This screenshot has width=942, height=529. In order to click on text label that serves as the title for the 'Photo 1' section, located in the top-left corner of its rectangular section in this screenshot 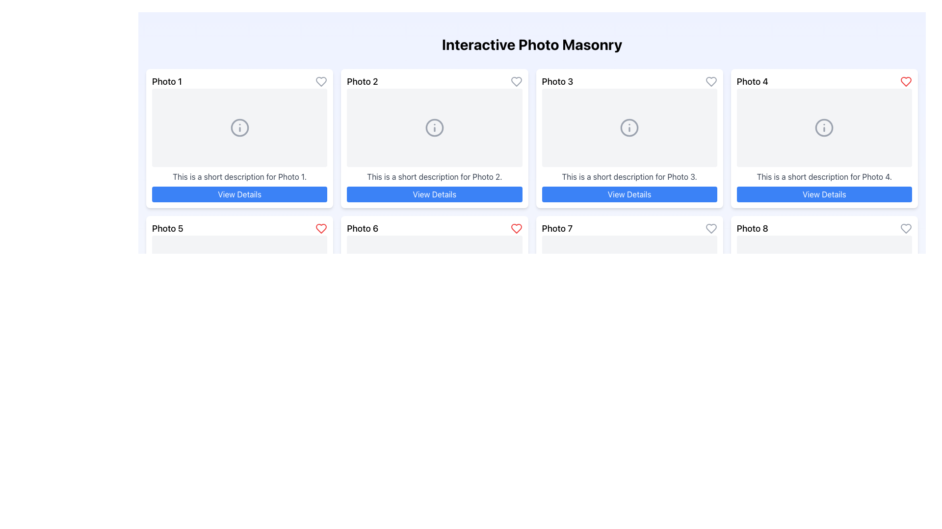, I will do `click(167, 81)`.